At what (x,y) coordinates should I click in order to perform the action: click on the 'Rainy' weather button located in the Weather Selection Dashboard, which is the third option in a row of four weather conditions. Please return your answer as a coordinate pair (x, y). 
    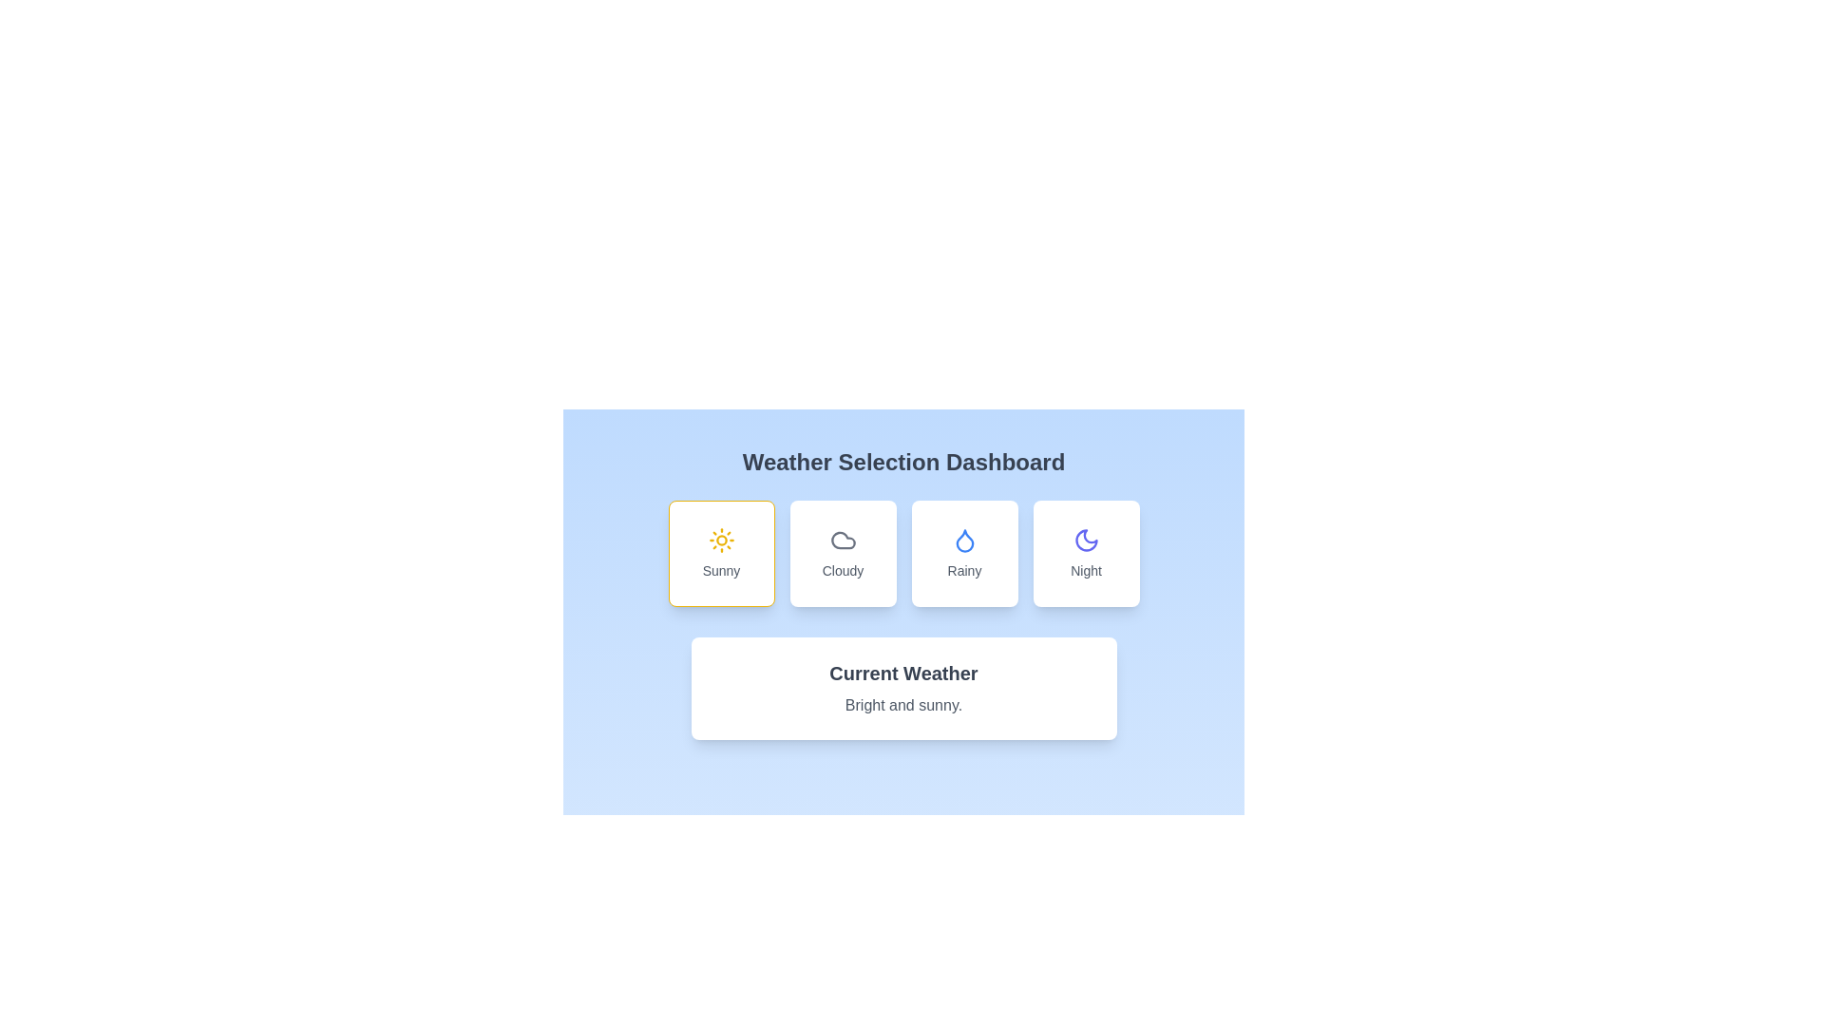
    Looking at the image, I should click on (964, 553).